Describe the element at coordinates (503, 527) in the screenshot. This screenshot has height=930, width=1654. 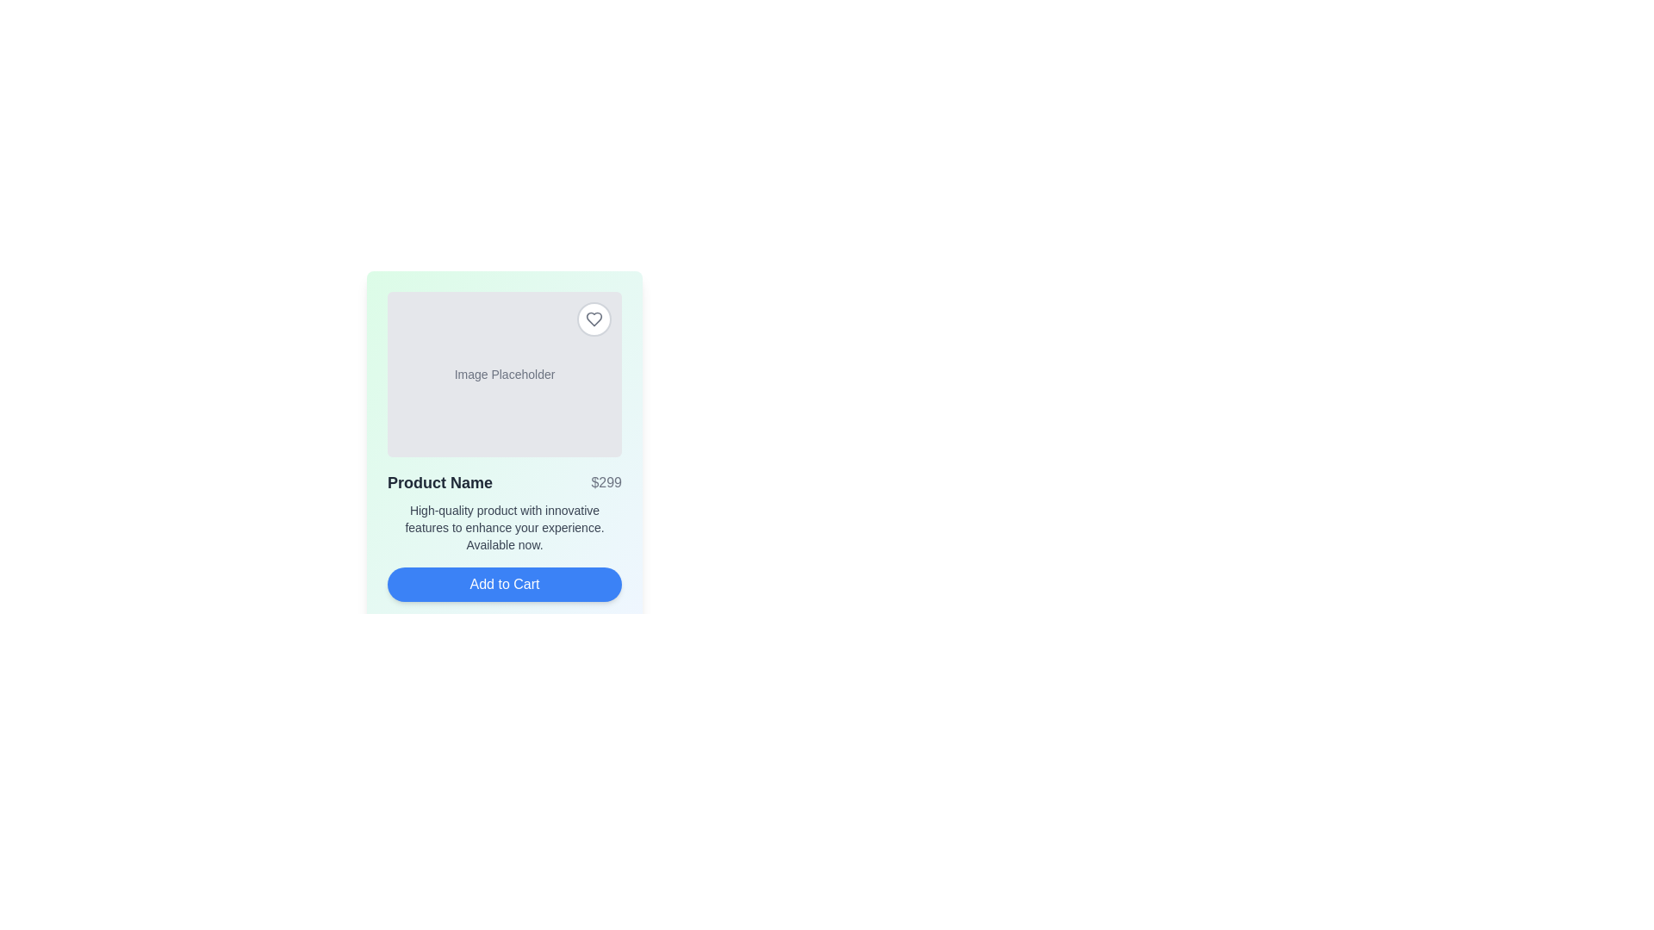
I see `informational text section that describes the product's features and availability, located below the product name and price, and above the 'Add to Cart' button` at that location.